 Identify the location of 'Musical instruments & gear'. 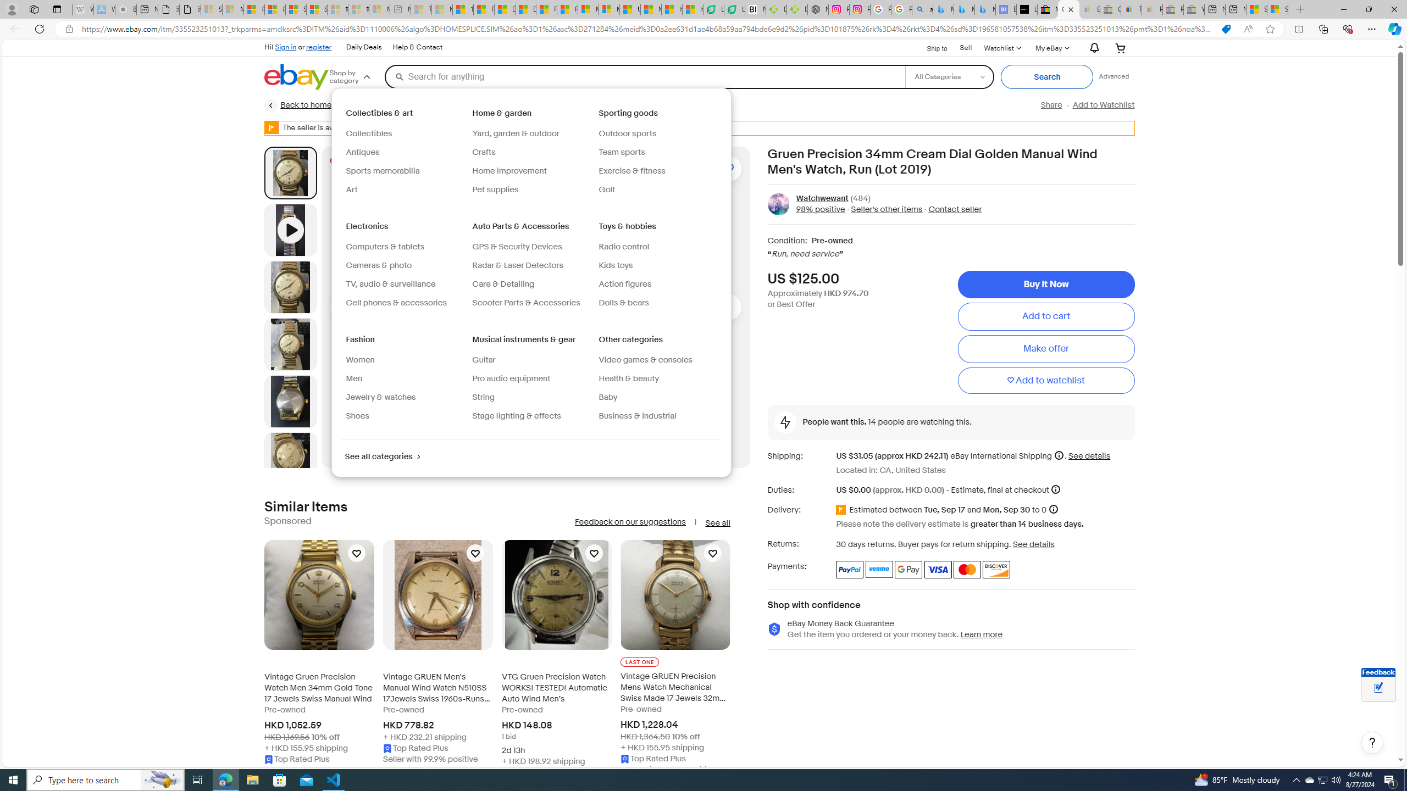
(524, 339).